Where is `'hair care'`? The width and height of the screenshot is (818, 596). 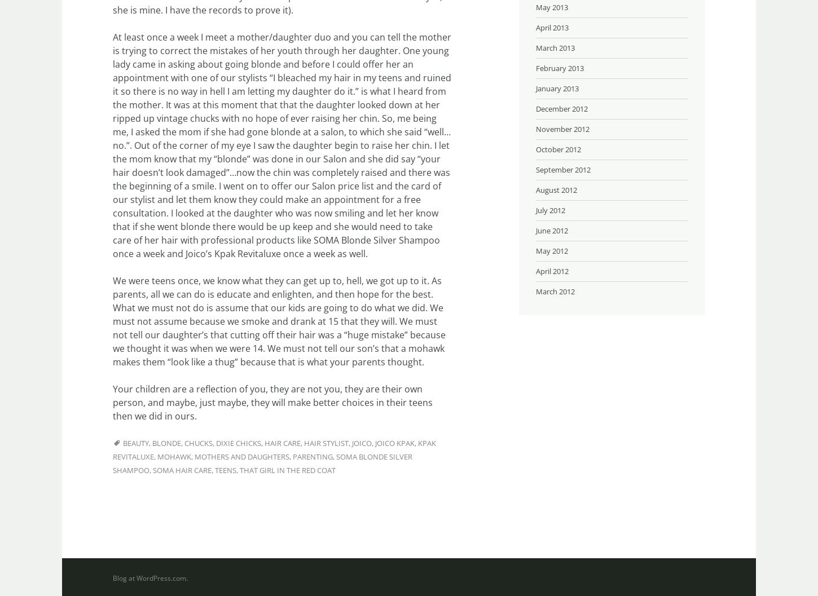
'hair care' is located at coordinates (282, 443).